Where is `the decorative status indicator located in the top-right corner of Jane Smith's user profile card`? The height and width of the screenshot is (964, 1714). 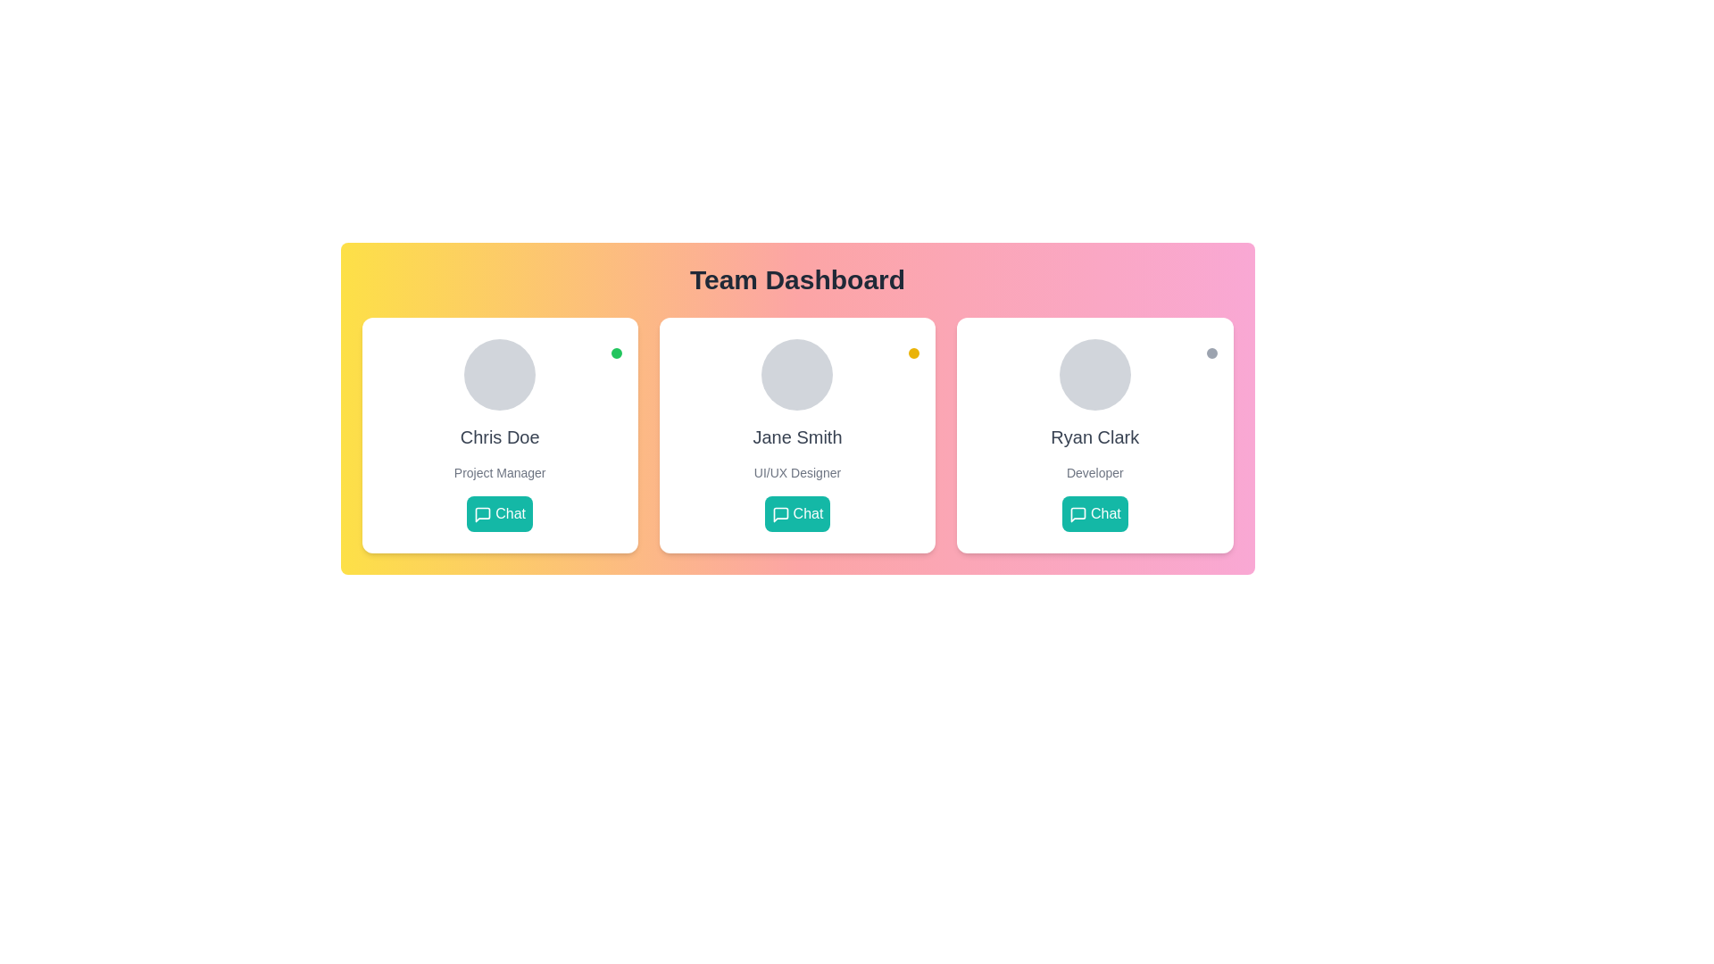
the decorative status indicator located in the top-right corner of Jane Smith's user profile card is located at coordinates (914, 353).